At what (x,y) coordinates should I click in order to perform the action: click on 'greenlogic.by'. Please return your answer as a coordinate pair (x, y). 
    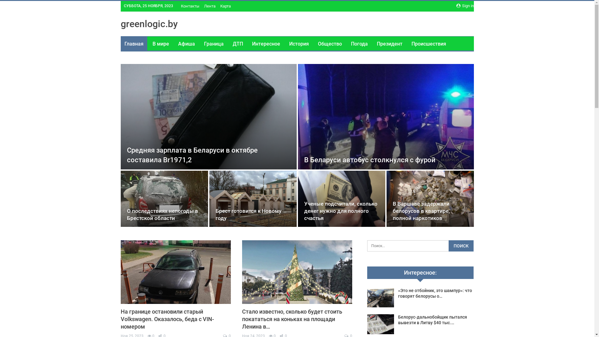
    Looking at the image, I should click on (149, 23).